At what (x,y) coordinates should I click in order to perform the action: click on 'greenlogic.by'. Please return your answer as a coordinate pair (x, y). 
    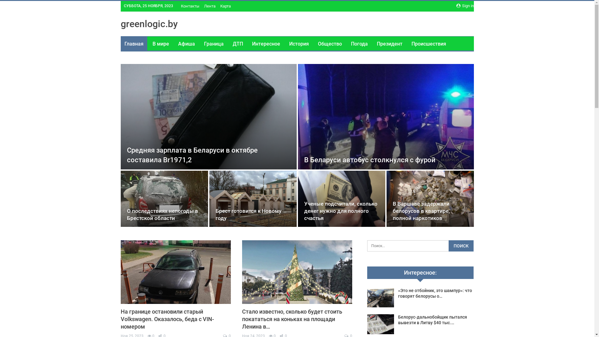
    Looking at the image, I should click on (149, 23).